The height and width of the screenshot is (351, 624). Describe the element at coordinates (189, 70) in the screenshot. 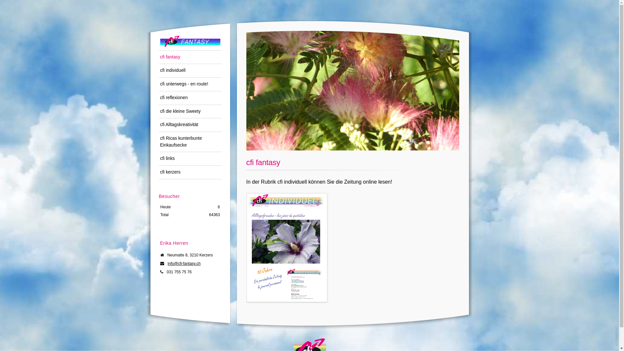

I see `'cfi individuell'` at that location.